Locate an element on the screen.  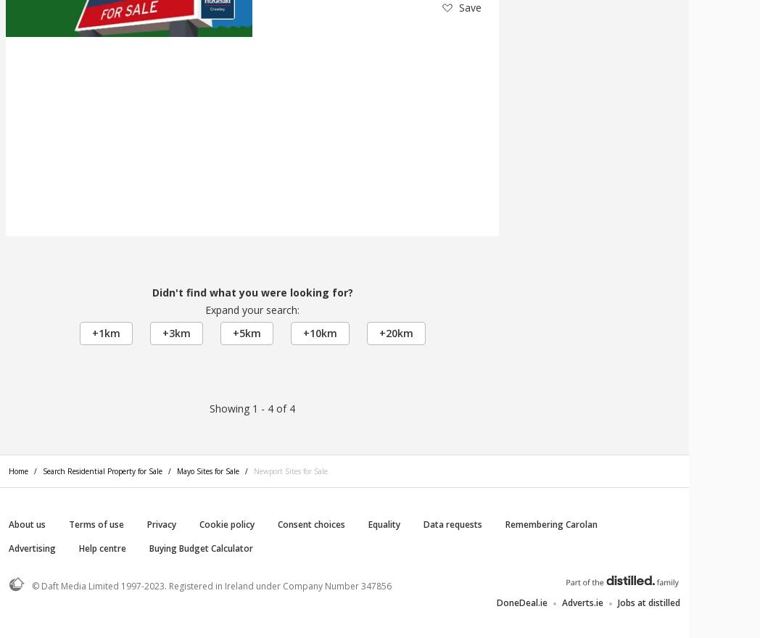
'Didn't find what you were looking for?' is located at coordinates (252, 291).